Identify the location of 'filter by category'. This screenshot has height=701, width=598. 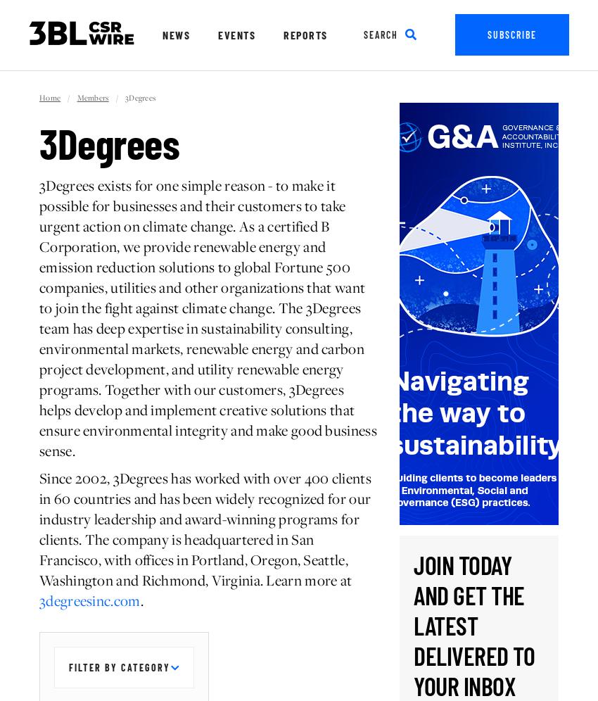
(120, 667).